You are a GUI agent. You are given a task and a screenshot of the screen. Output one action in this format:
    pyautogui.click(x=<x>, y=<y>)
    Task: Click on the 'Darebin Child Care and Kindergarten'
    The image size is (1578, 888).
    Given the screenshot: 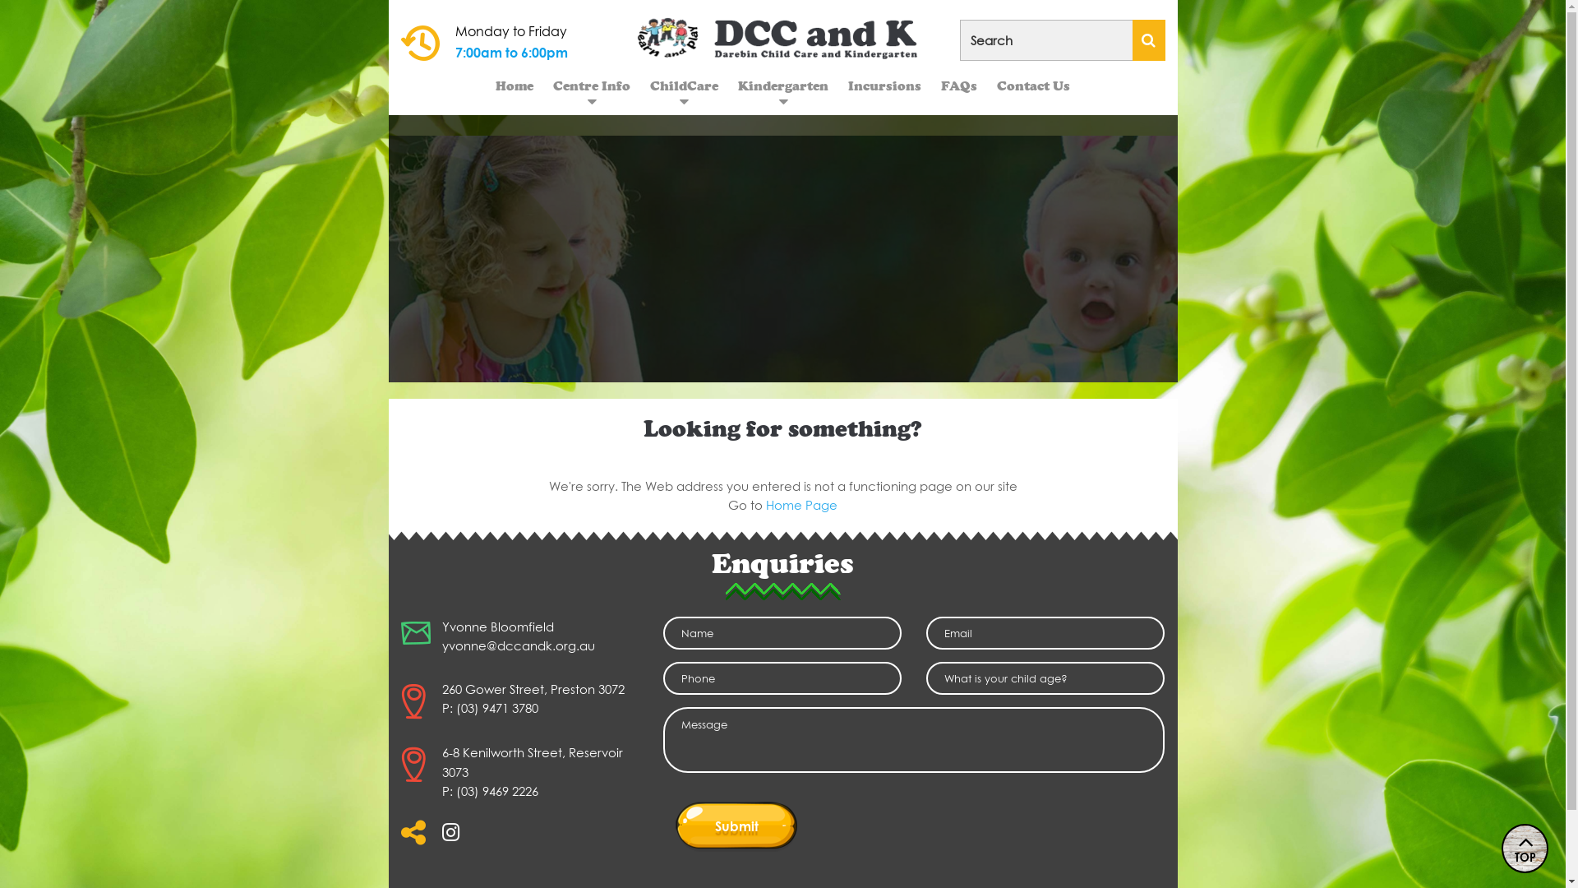 What is the action you would take?
    pyautogui.click(x=782, y=37)
    